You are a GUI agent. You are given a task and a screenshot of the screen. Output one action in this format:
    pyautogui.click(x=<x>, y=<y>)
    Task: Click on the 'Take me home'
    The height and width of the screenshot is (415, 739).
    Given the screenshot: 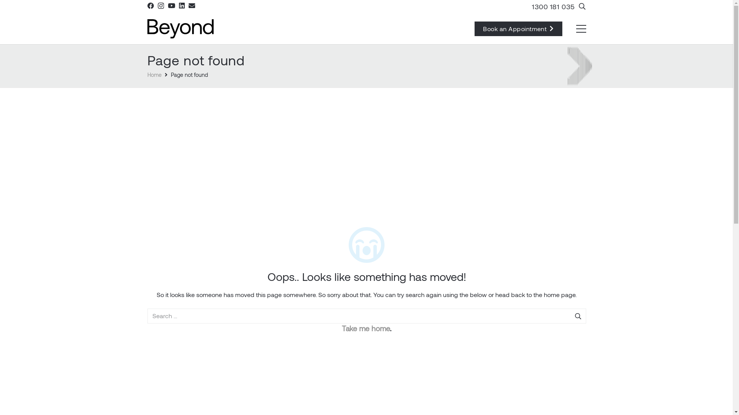 What is the action you would take?
    pyautogui.click(x=365, y=328)
    